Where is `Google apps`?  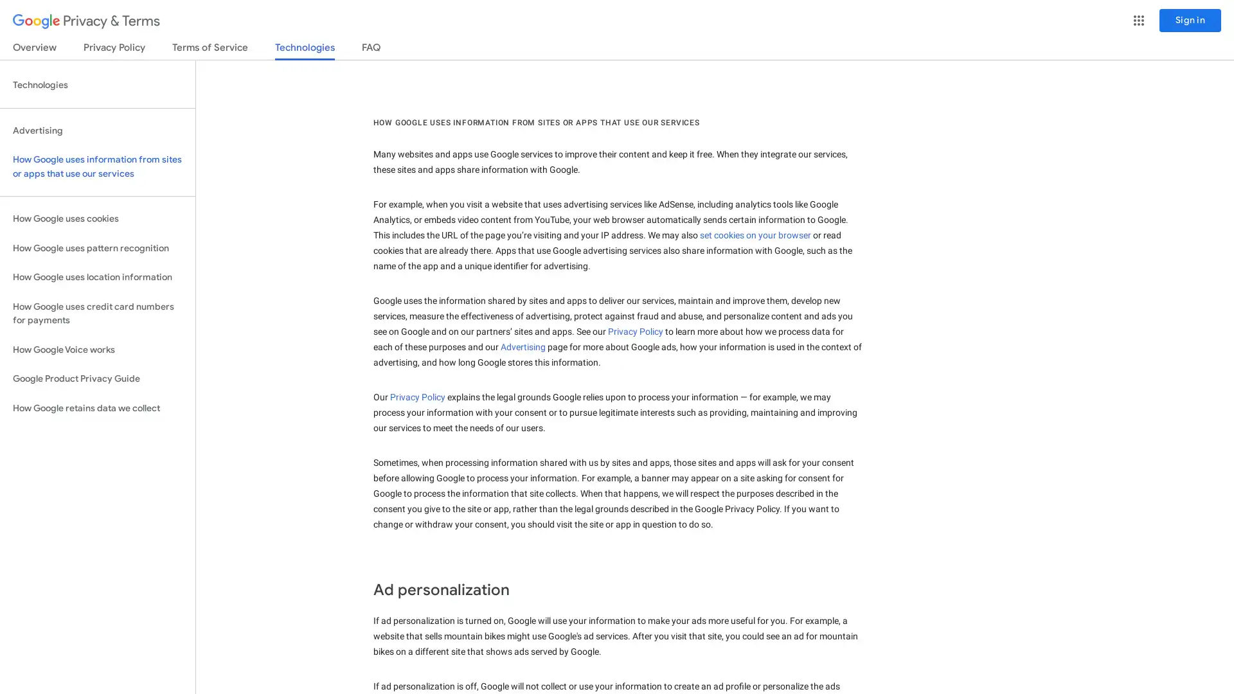 Google apps is located at coordinates (1138, 20).